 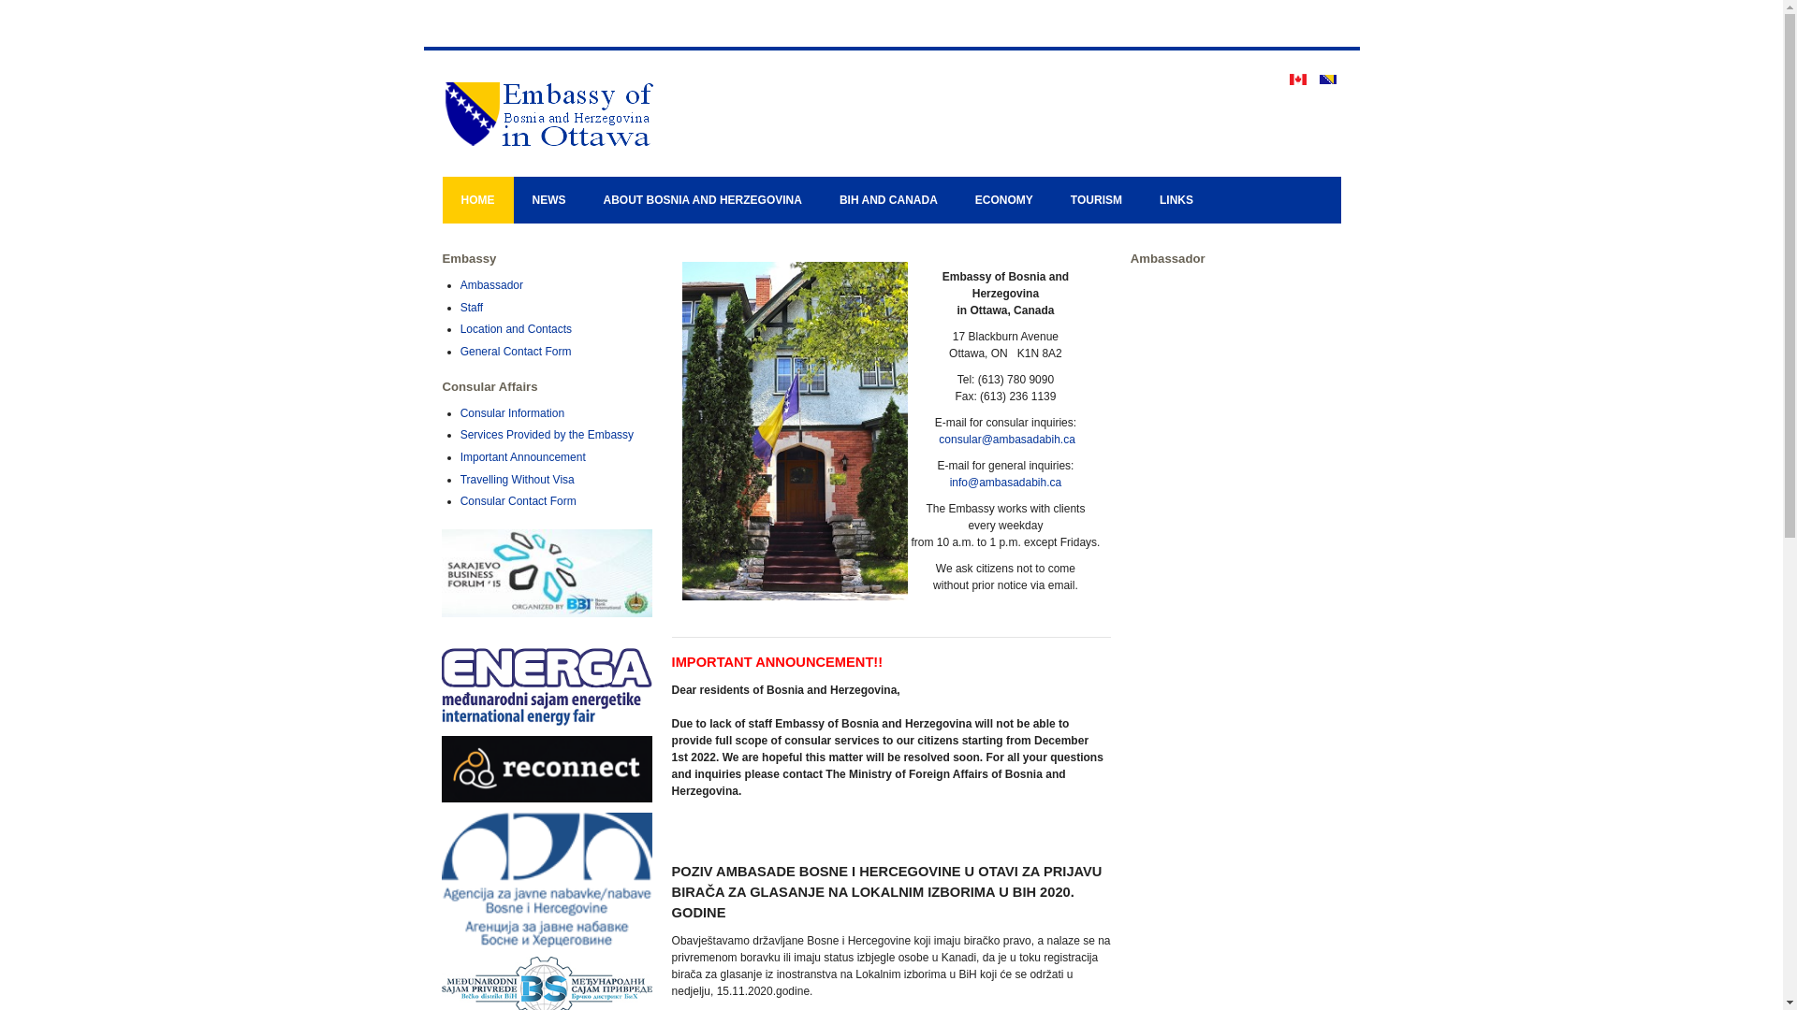 I want to click on 'HOME', so click(x=476, y=199).